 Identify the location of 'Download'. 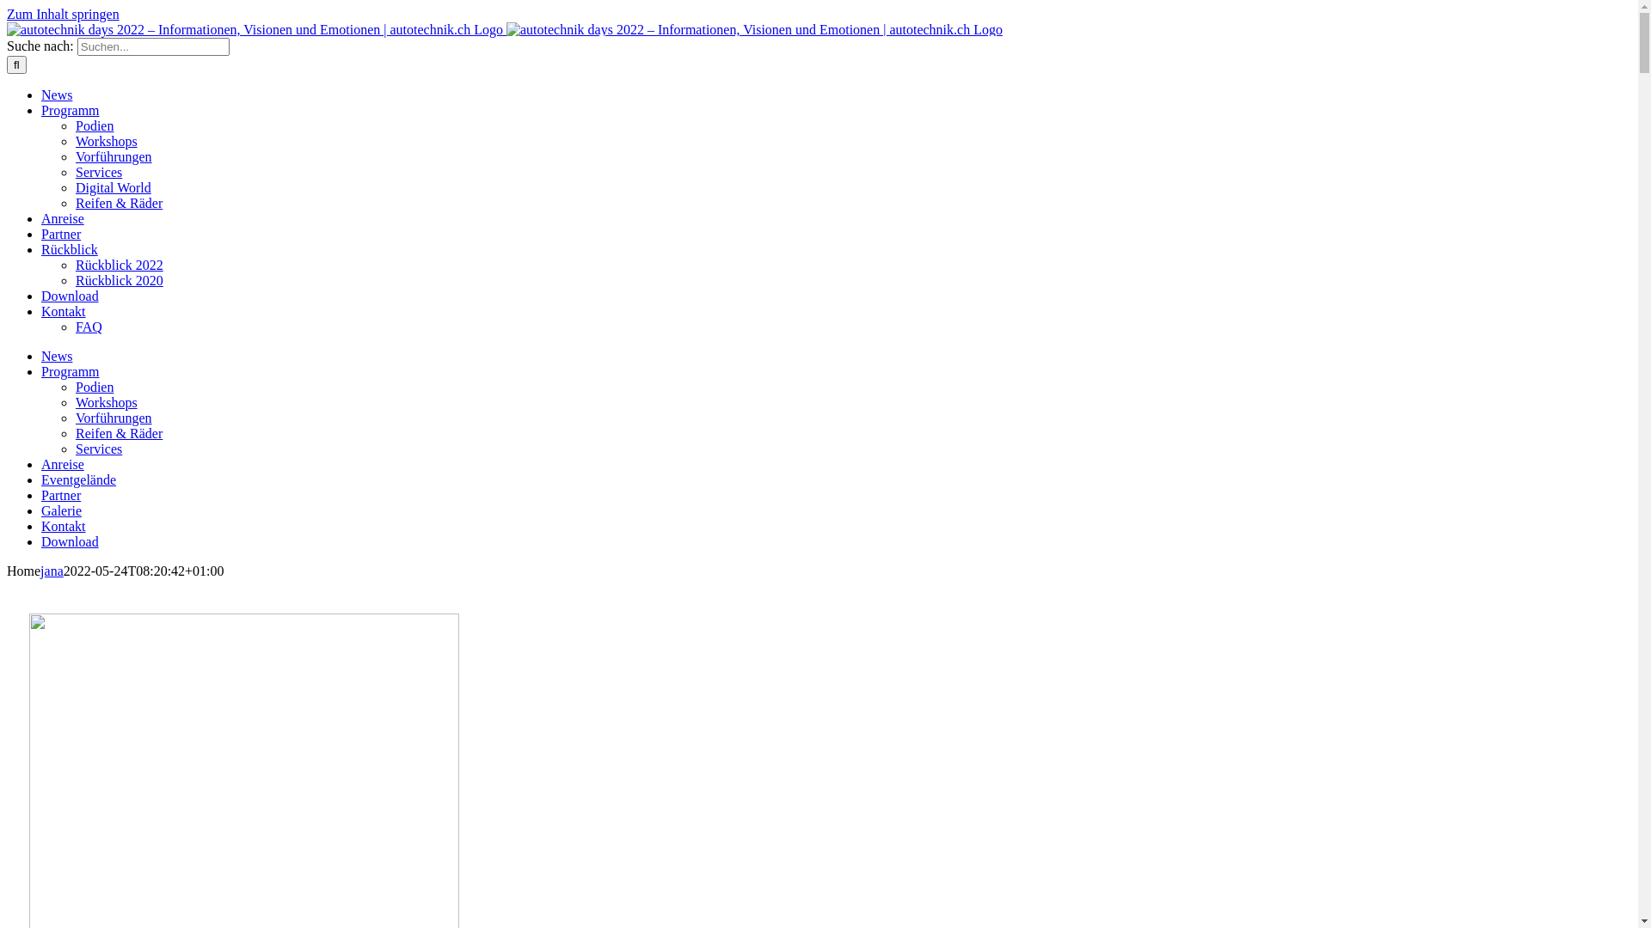
(41, 541).